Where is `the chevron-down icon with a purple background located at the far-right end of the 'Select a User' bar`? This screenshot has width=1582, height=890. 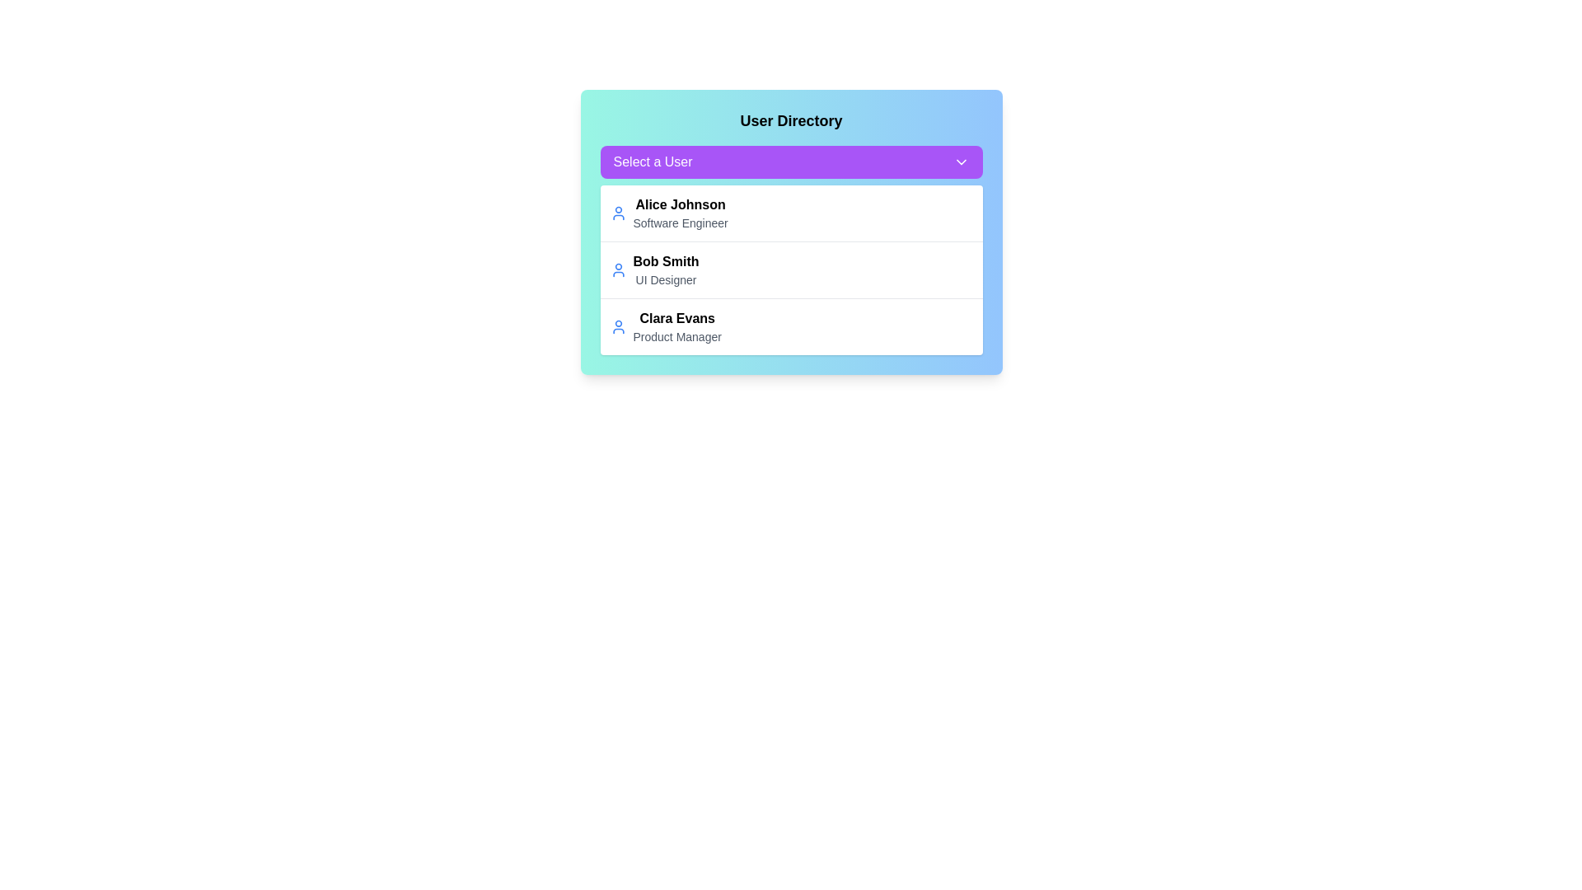
the chevron-down icon with a purple background located at the far-right end of the 'Select a User' bar is located at coordinates (961, 162).